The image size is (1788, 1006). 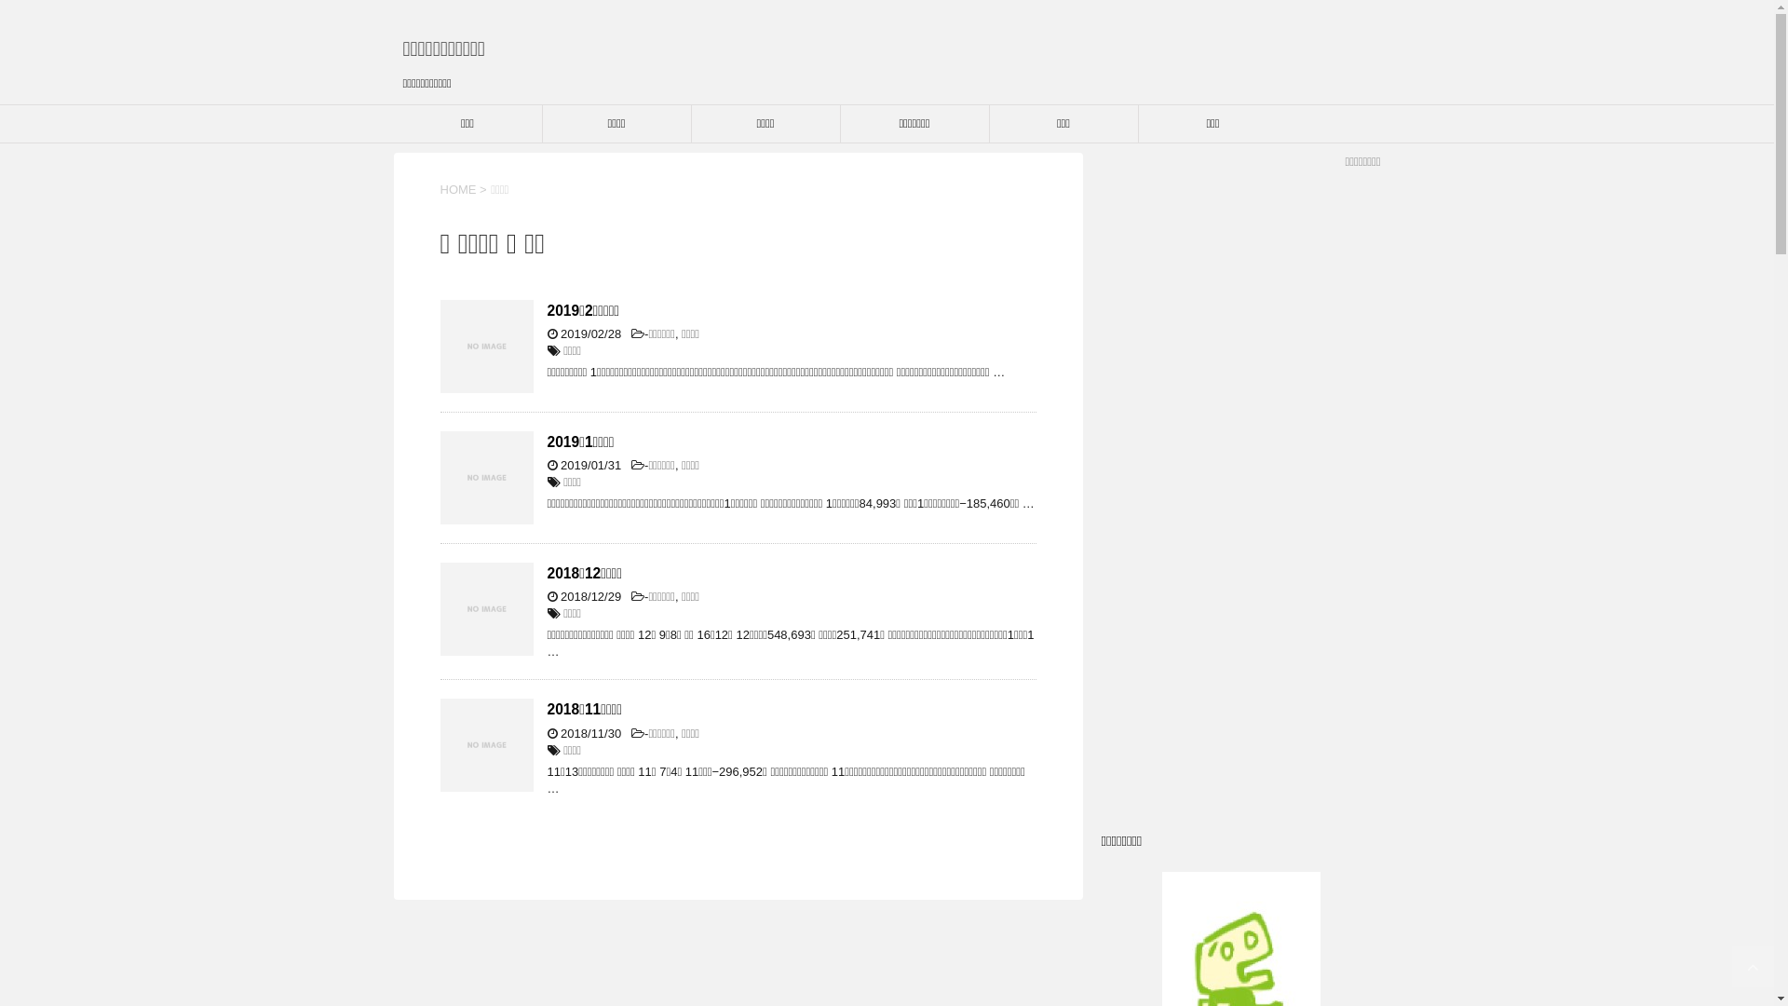 I want to click on 'no image', so click(x=486, y=743).